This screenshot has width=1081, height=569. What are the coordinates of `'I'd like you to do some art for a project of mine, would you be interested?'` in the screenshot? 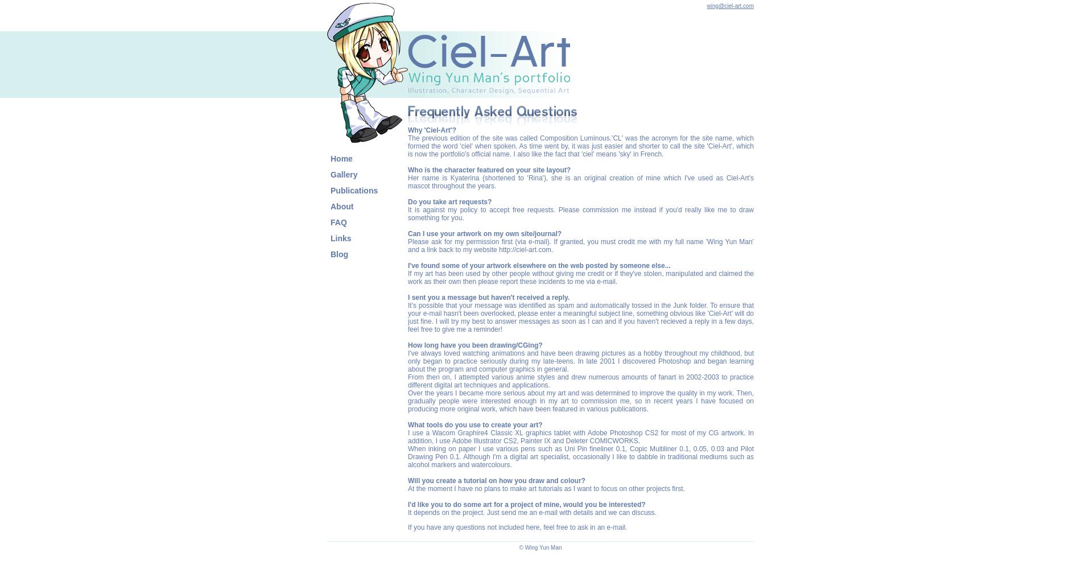 It's located at (526, 505).